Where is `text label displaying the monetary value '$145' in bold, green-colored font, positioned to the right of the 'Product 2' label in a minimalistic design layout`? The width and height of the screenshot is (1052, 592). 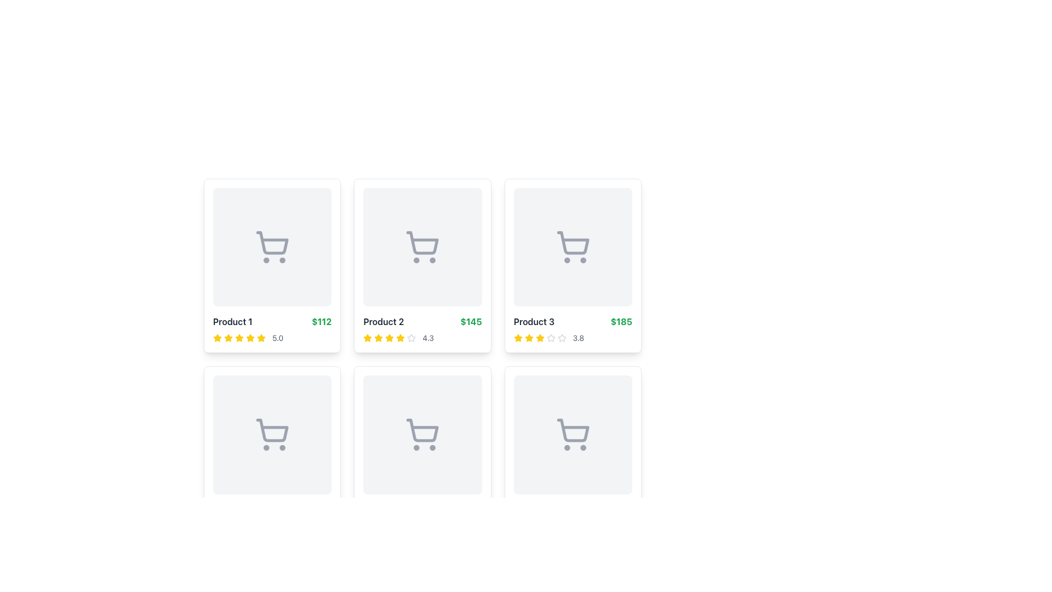
text label displaying the monetary value '$145' in bold, green-colored font, positioned to the right of the 'Product 2' label in a minimalistic design layout is located at coordinates (471, 321).